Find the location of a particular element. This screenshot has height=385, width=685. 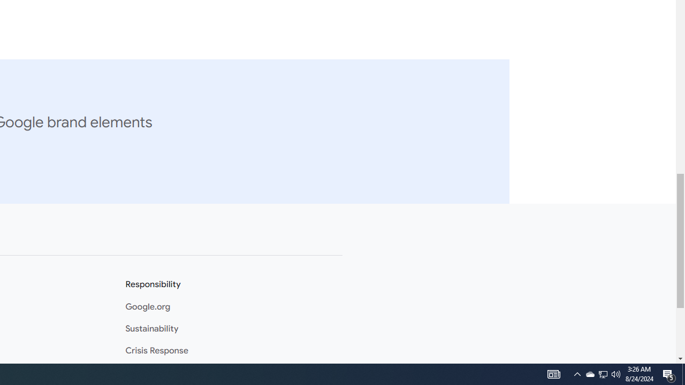

'Sustainability' is located at coordinates (151, 328).